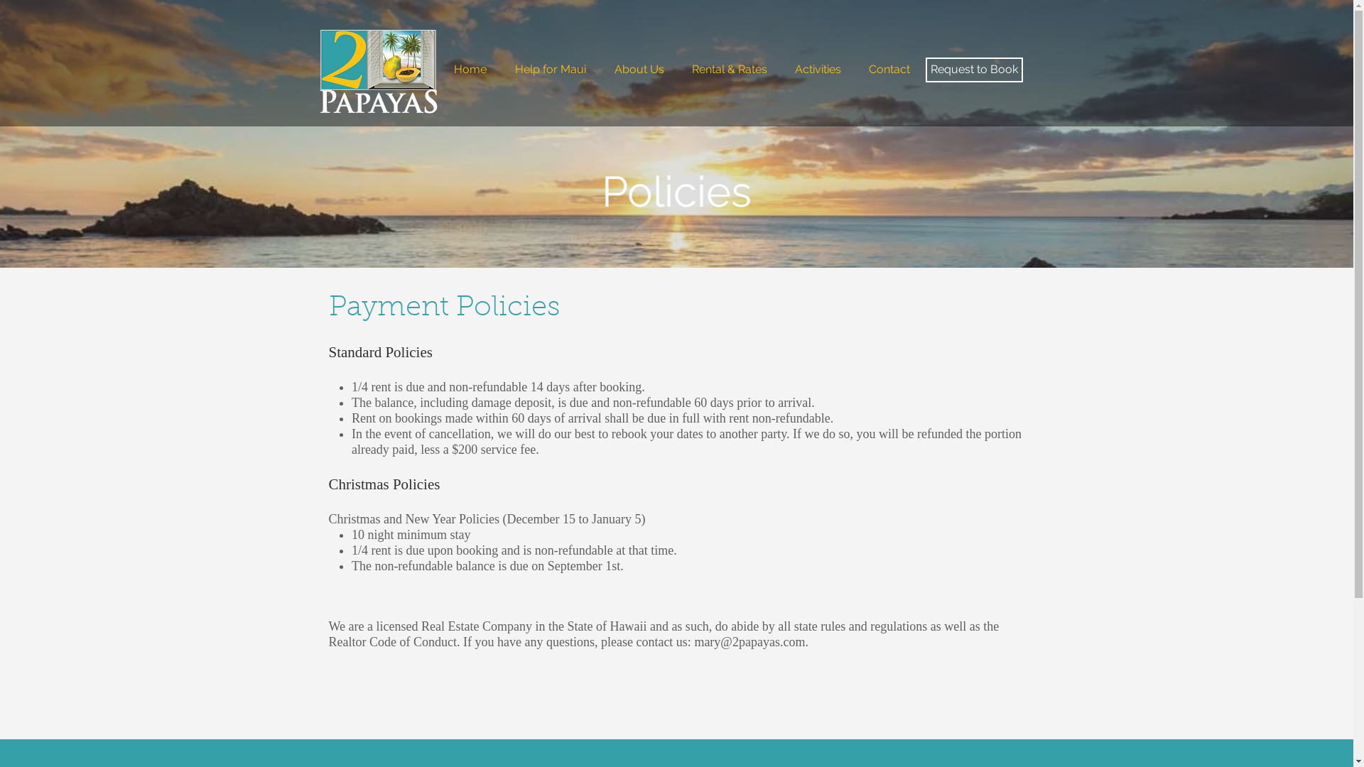 The height and width of the screenshot is (767, 1364). What do you see at coordinates (924, 70) in the screenshot?
I see `'Request to Book'` at bounding box center [924, 70].